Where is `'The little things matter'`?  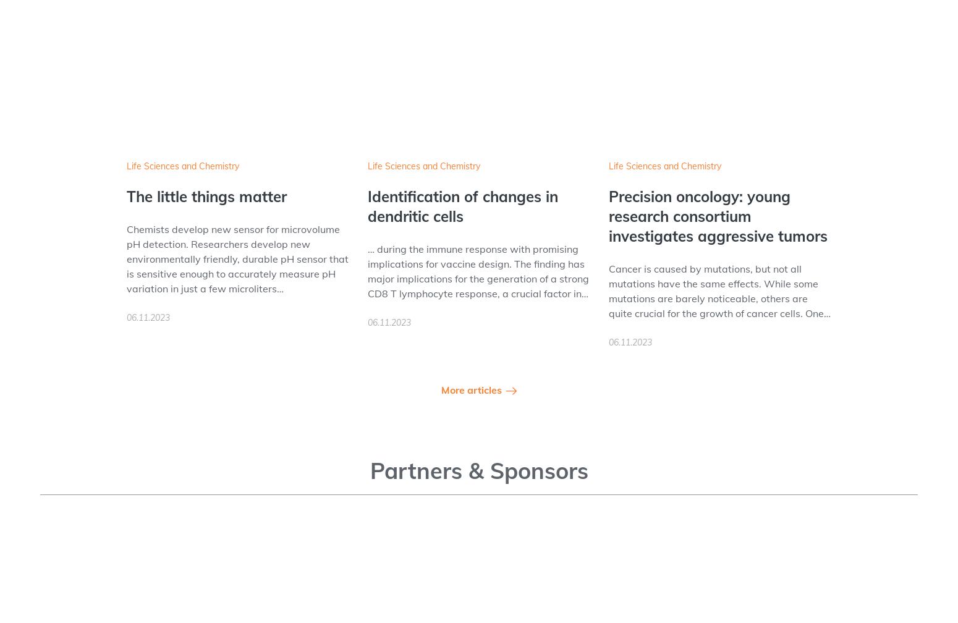 'The little things matter' is located at coordinates (206, 197).